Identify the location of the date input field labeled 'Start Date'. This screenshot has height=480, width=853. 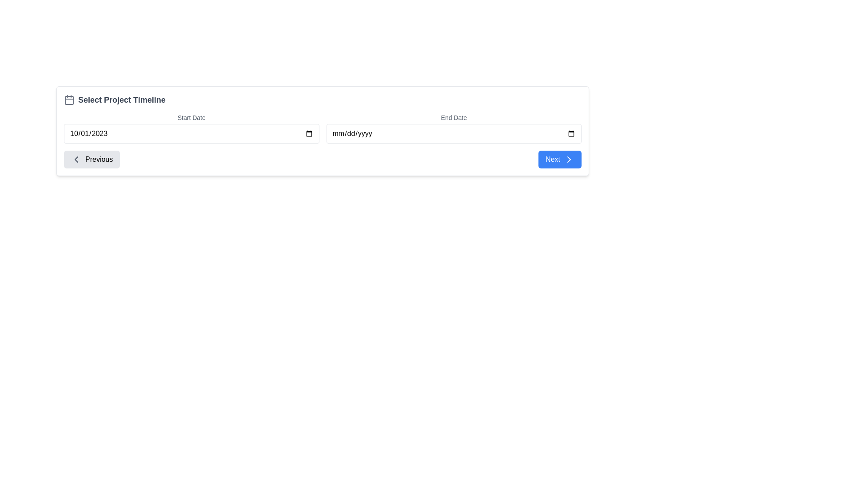
(191, 133).